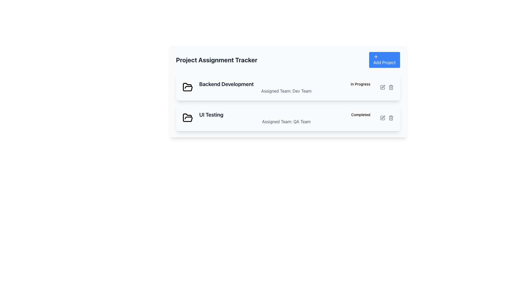 This screenshot has height=285, width=507. Describe the element at coordinates (288, 87) in the screenshot. I see `information displayed on the 'Backend Development' status card, which is the first item in a vertical list of project cards` at that location.